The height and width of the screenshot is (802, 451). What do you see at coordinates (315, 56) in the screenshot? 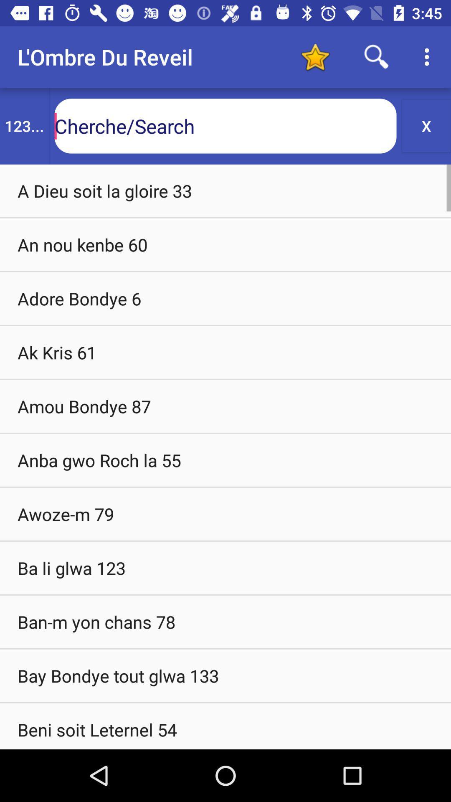
I see `icon to the right of the l ombre du` at bounding box center [315, 56].